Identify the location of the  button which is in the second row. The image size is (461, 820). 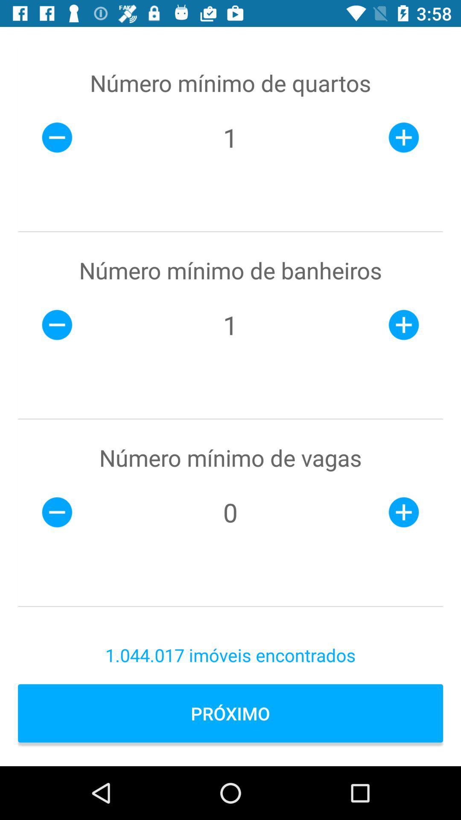
(57, 325).